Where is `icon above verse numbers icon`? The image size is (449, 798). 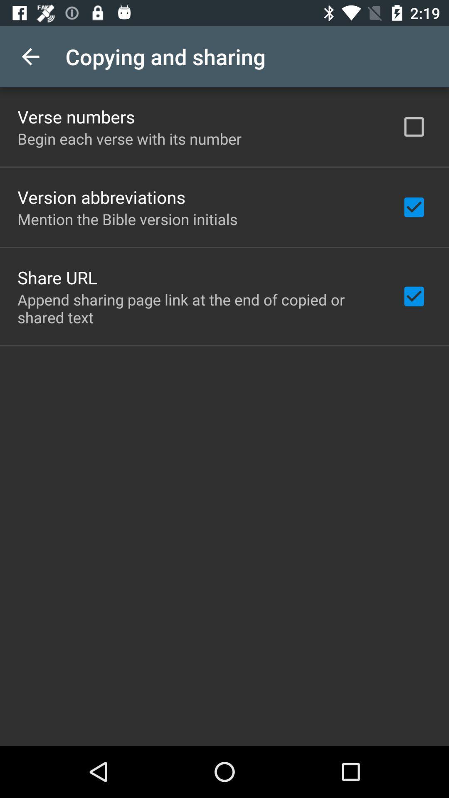 icon above verse numbers icon is located at coordinates (30, 56).